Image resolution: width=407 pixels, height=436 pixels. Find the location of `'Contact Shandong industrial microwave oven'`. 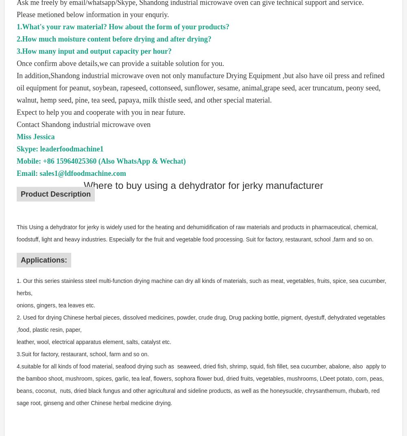

'Contact Shandong industrial microwave oven' is located at coordinates (17, 124).